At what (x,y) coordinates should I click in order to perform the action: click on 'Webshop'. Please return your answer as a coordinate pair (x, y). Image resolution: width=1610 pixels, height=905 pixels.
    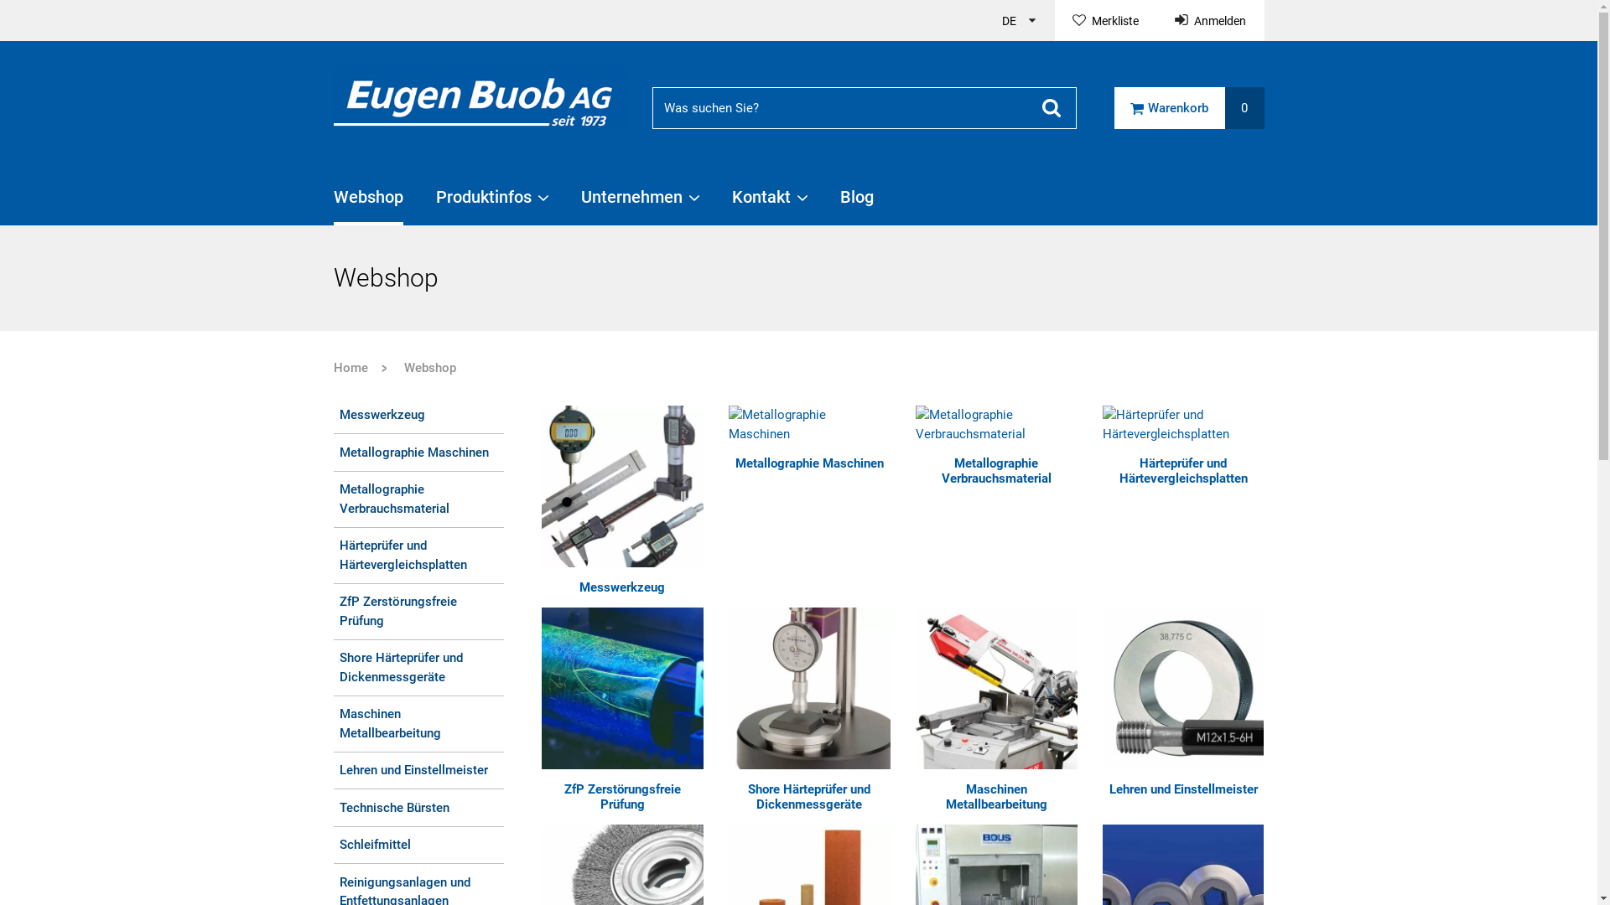
    Looking at the image, I should click on (413, 367).